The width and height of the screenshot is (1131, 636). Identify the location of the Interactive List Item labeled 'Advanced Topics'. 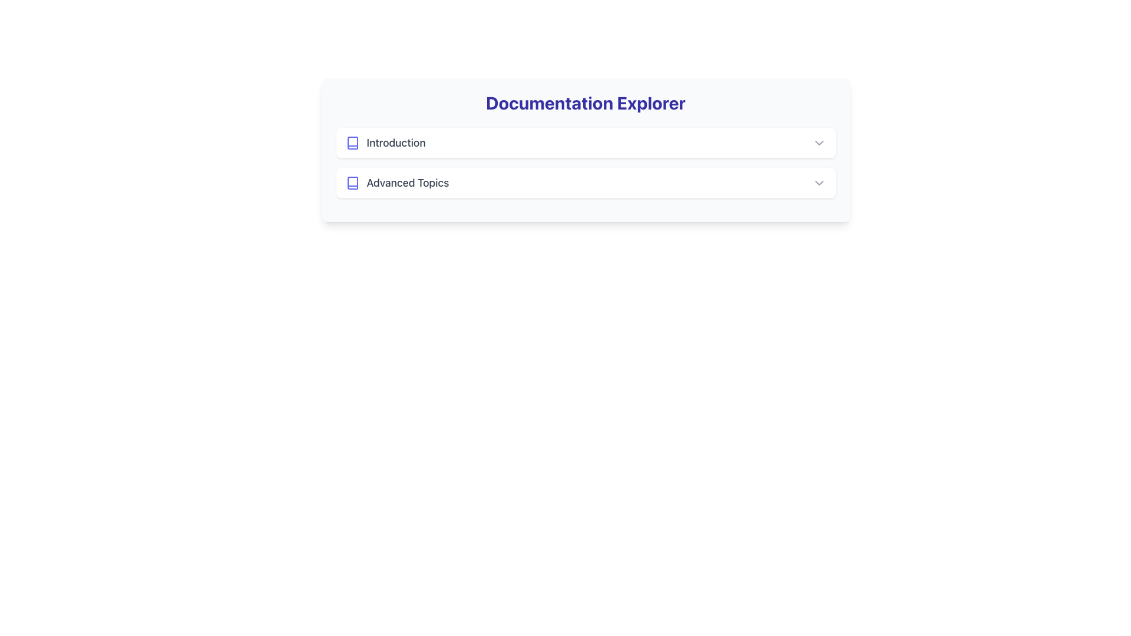
(586, 183).